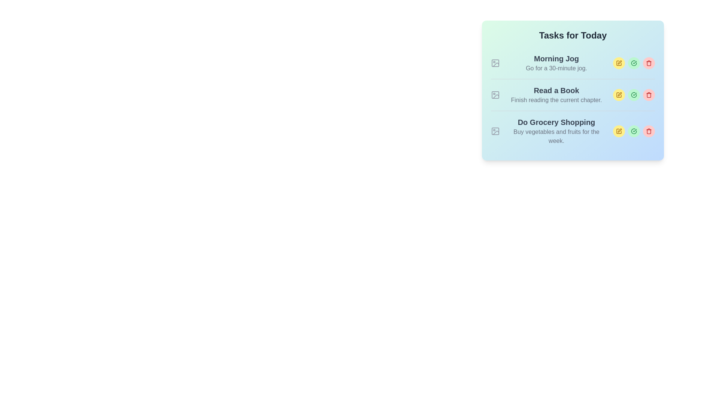 Image resolution: width=719 pixels, height=404 pixels. Describe the element at coordinates (634, 95) in the screenshot. I see `the button marked with a checkmark icon, which is the third button in the action buttons row next to the 'Read a Book' task entry, to observe the hover color change` at that location.